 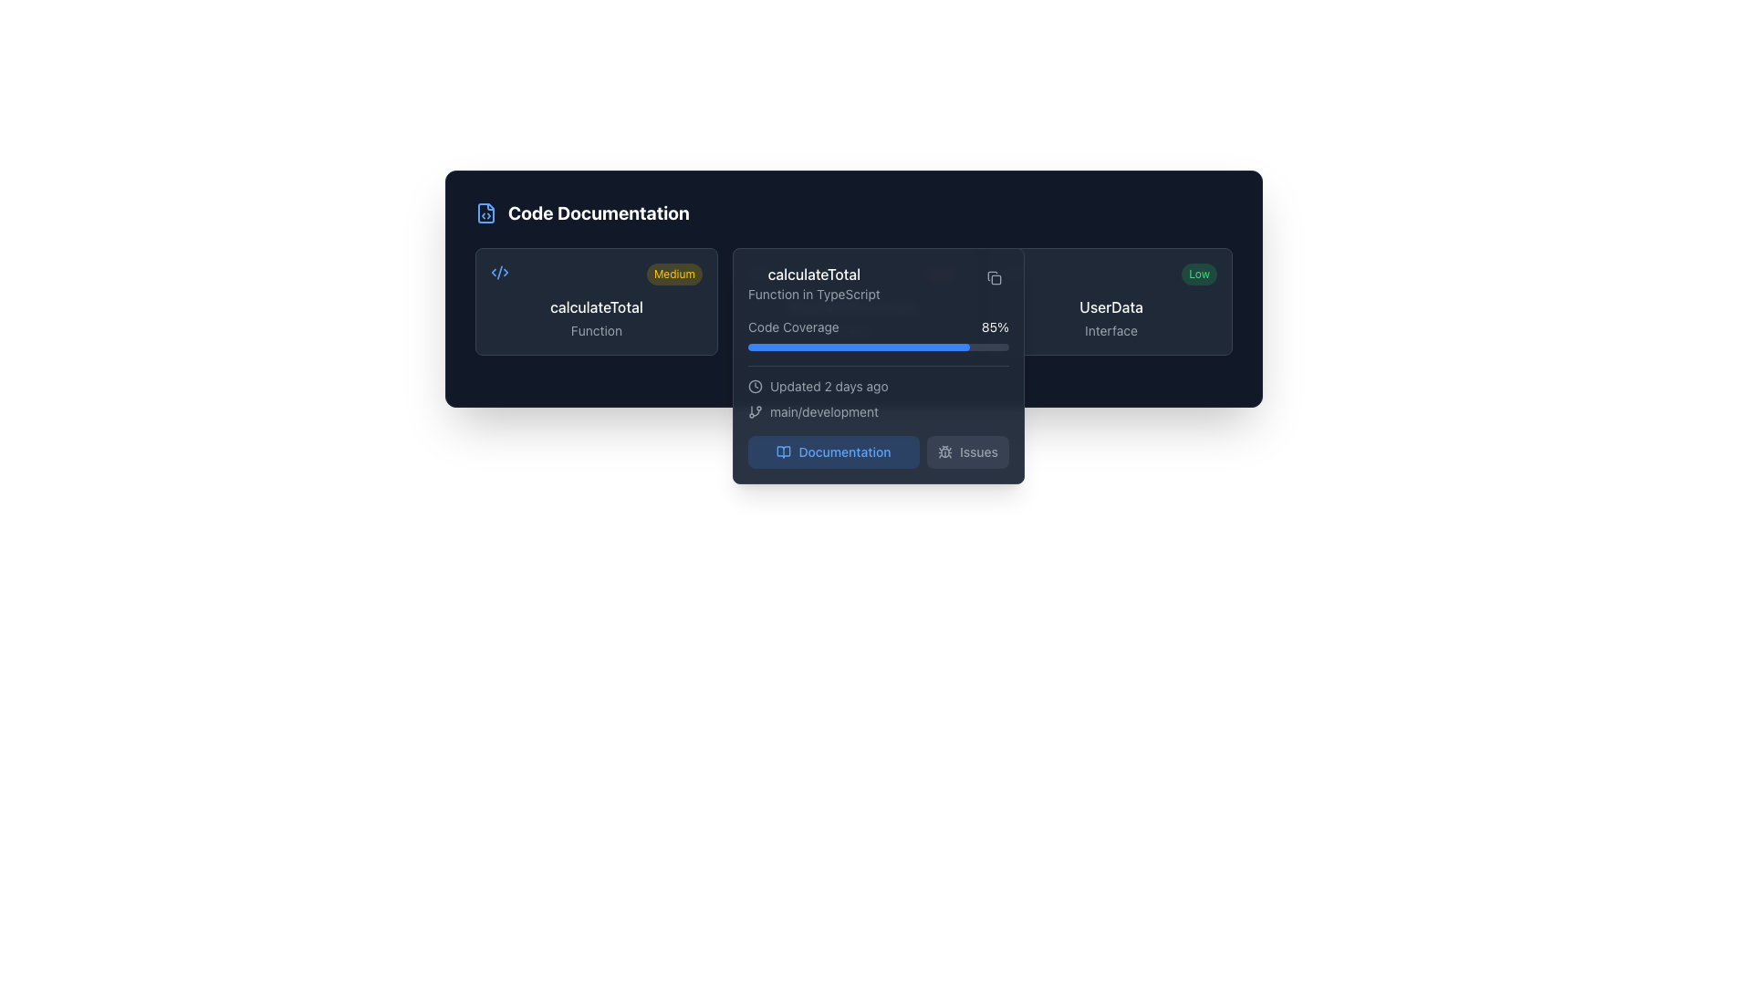 I want to click on the text block displaying 'Updated 2 days ago' with a clock icon and 'main/development' with a branching icon, located within a card-like structure, so click(x=879, y=392).